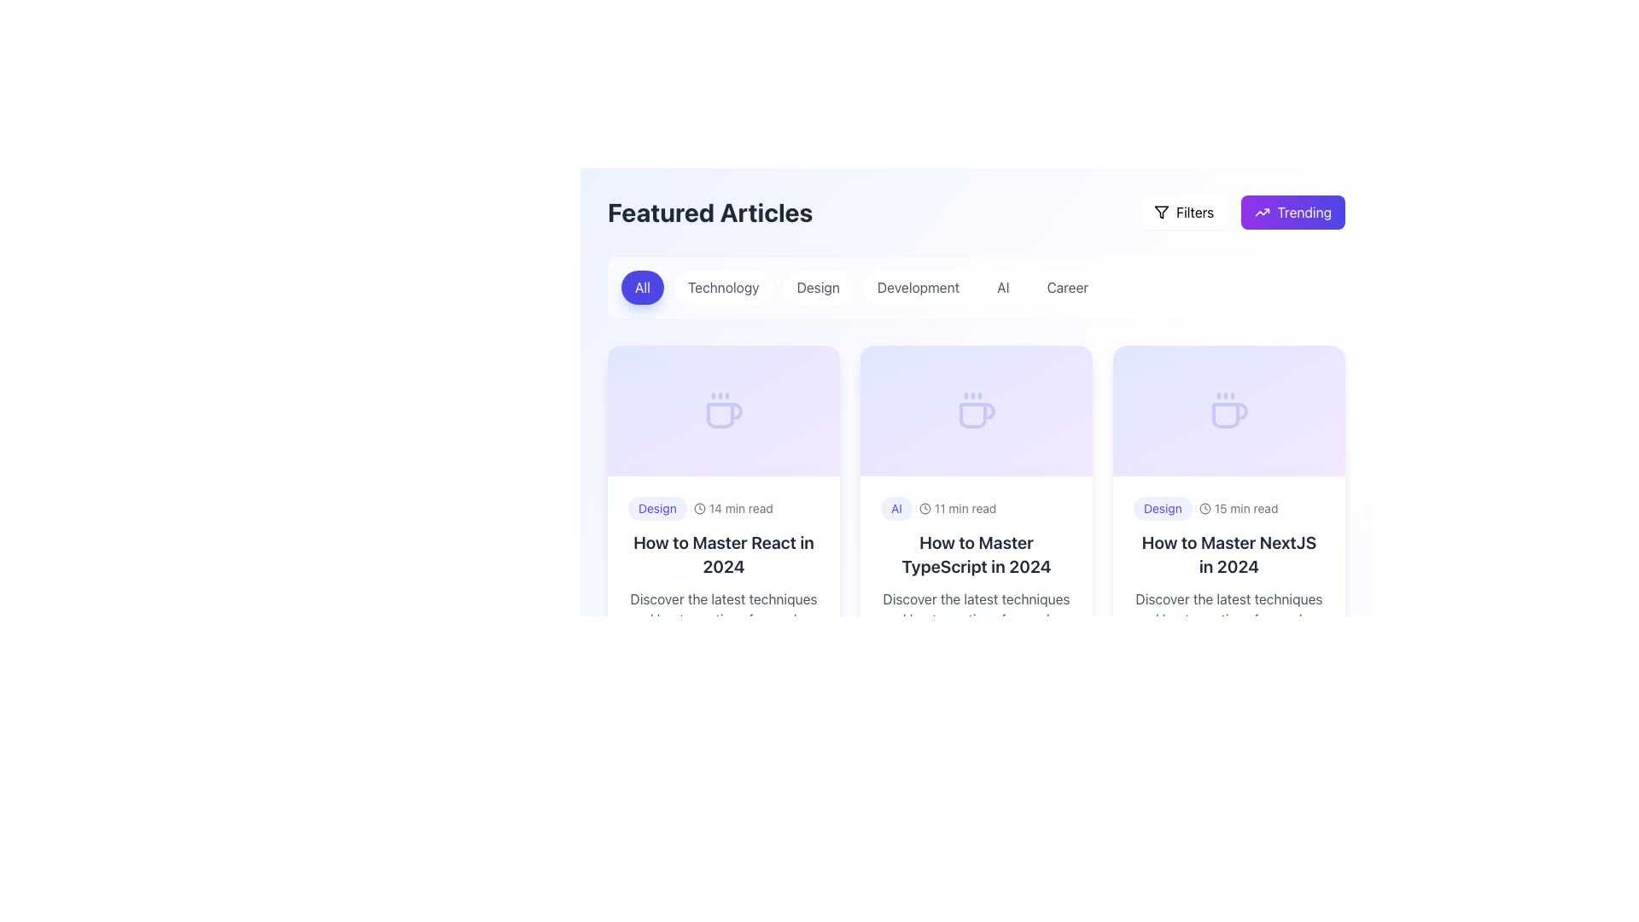 This screenshot has width=1639, height=922. What do you see at coordinates (976, 584) in the screenshot?
I see `displayed information on the Content card located in the 'Featured Articles' section, which provides a preview of an article including title, summary, category, reading time, and engagement statistics` at bounding box center [976, 584].